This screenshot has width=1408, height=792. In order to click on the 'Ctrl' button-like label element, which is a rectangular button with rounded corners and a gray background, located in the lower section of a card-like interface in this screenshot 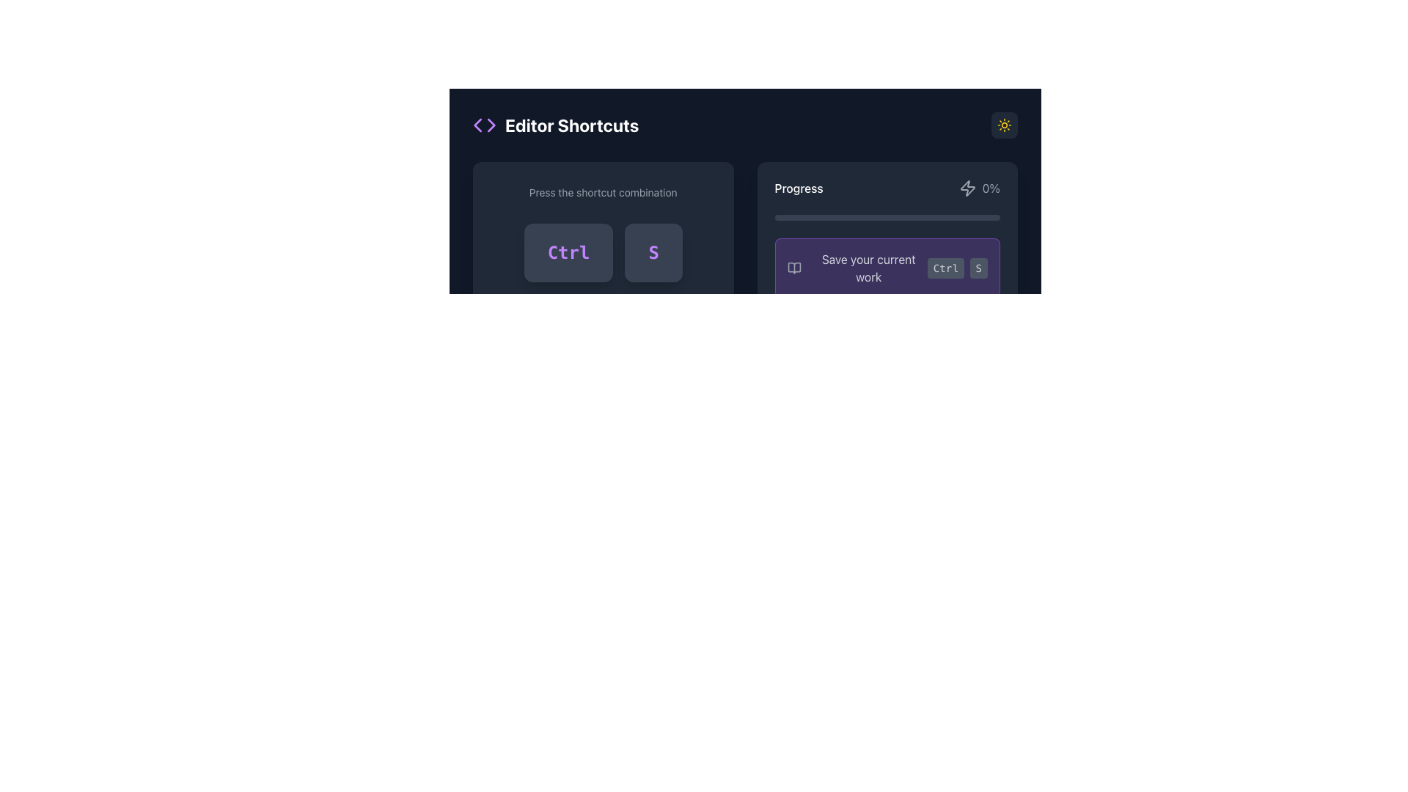, I will do `click(945, 268)`.